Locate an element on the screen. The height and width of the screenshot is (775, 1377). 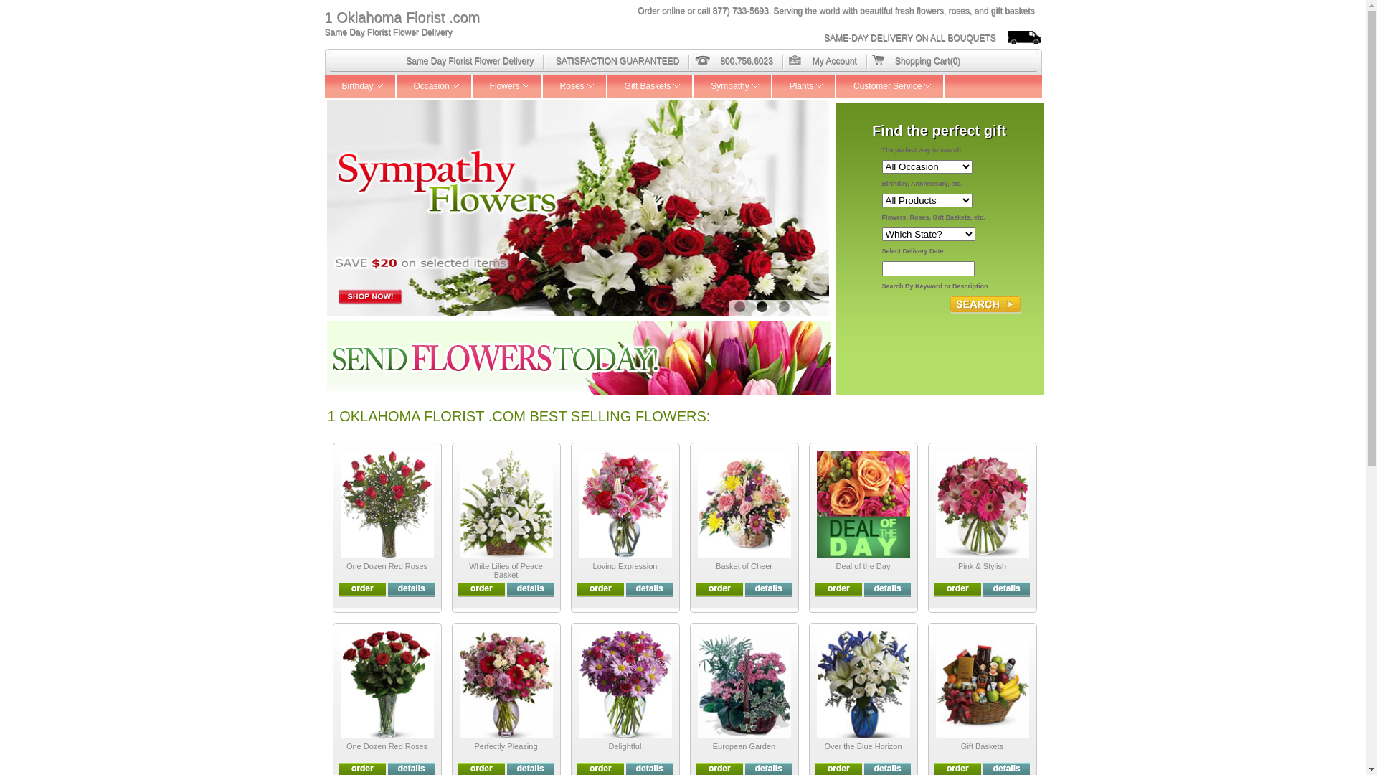
'Occasion' is located at coordinates (433, 85).